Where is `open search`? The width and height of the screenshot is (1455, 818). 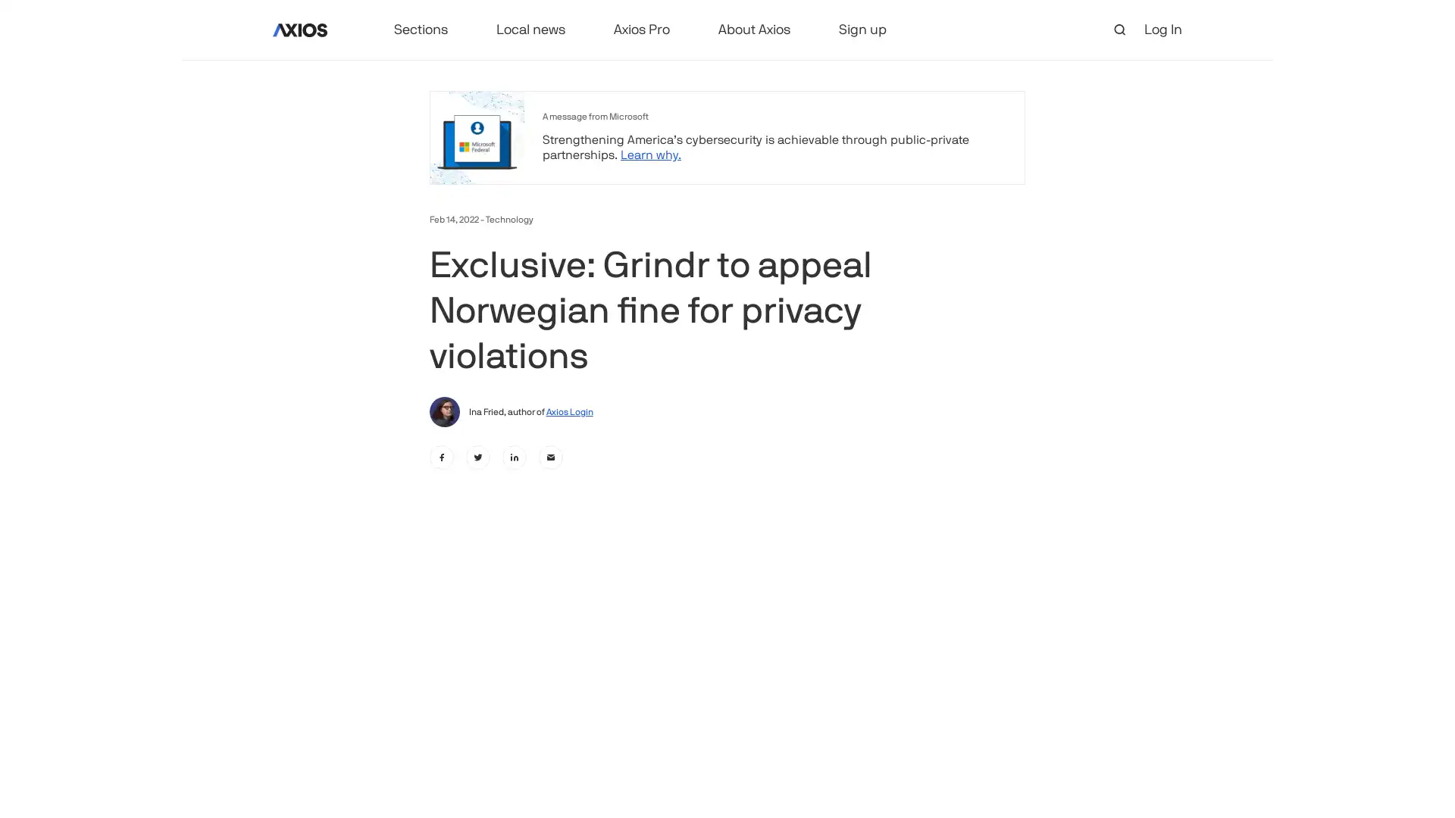
open search is located at coordinates (1120, 30).